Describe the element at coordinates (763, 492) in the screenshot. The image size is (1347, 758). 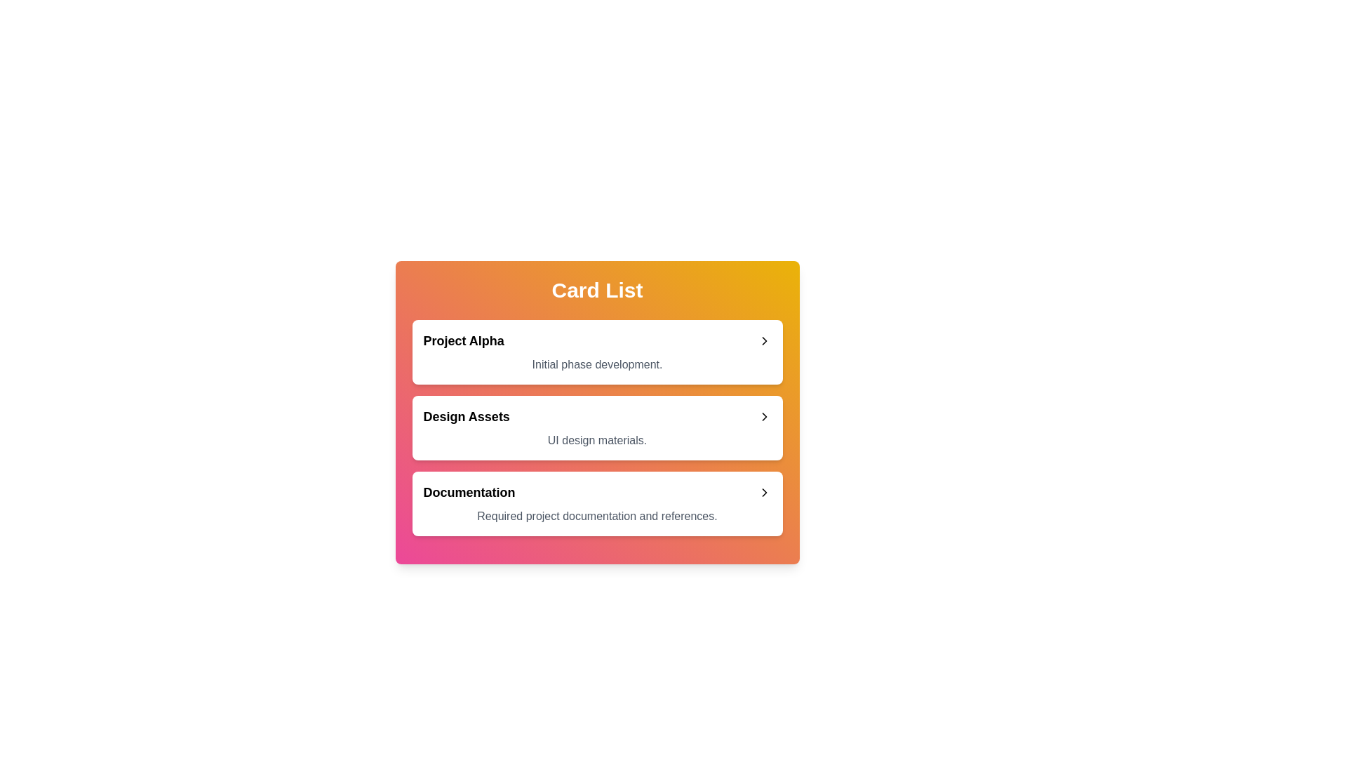
I see `the chevron icon to expand or collapse the card with title Documentation` at that location.